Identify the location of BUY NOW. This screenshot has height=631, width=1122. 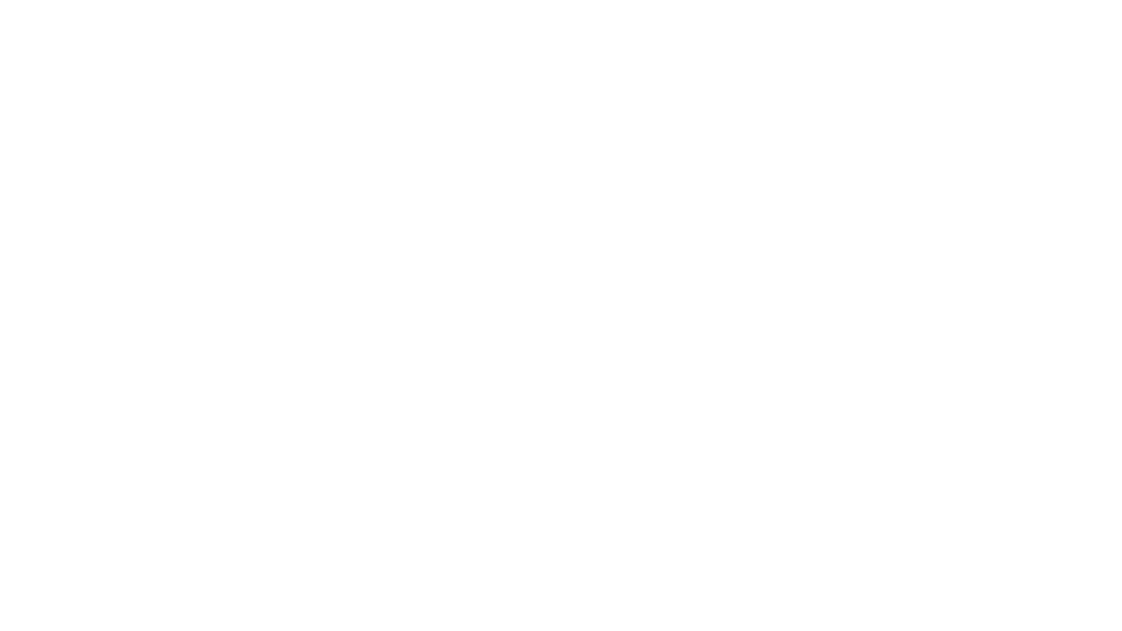
(562, 286).